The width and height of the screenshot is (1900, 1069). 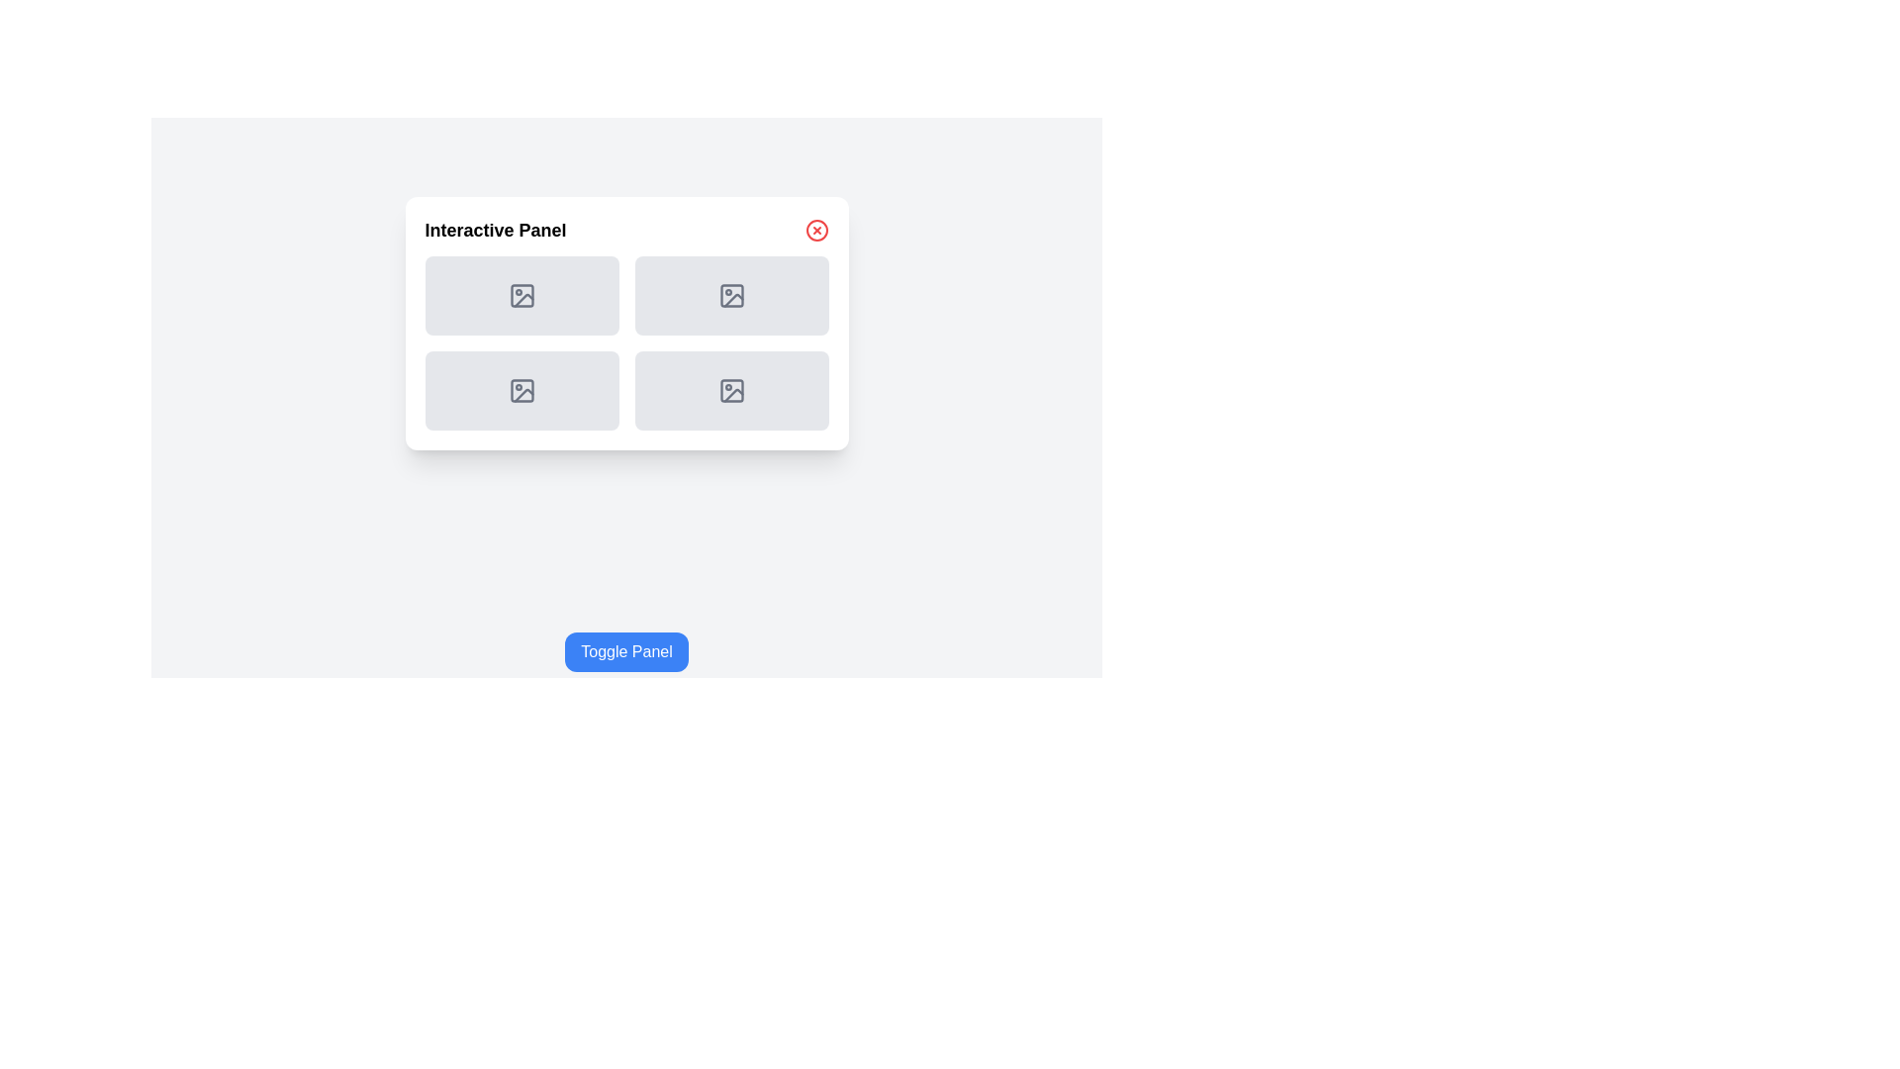 I want to click on the bottom-right graphic icon resembling a stylized image filled with a diagonal slash, indicating a placeholder or image error in the 'Interactive Panel', so click(x=732, y=300).